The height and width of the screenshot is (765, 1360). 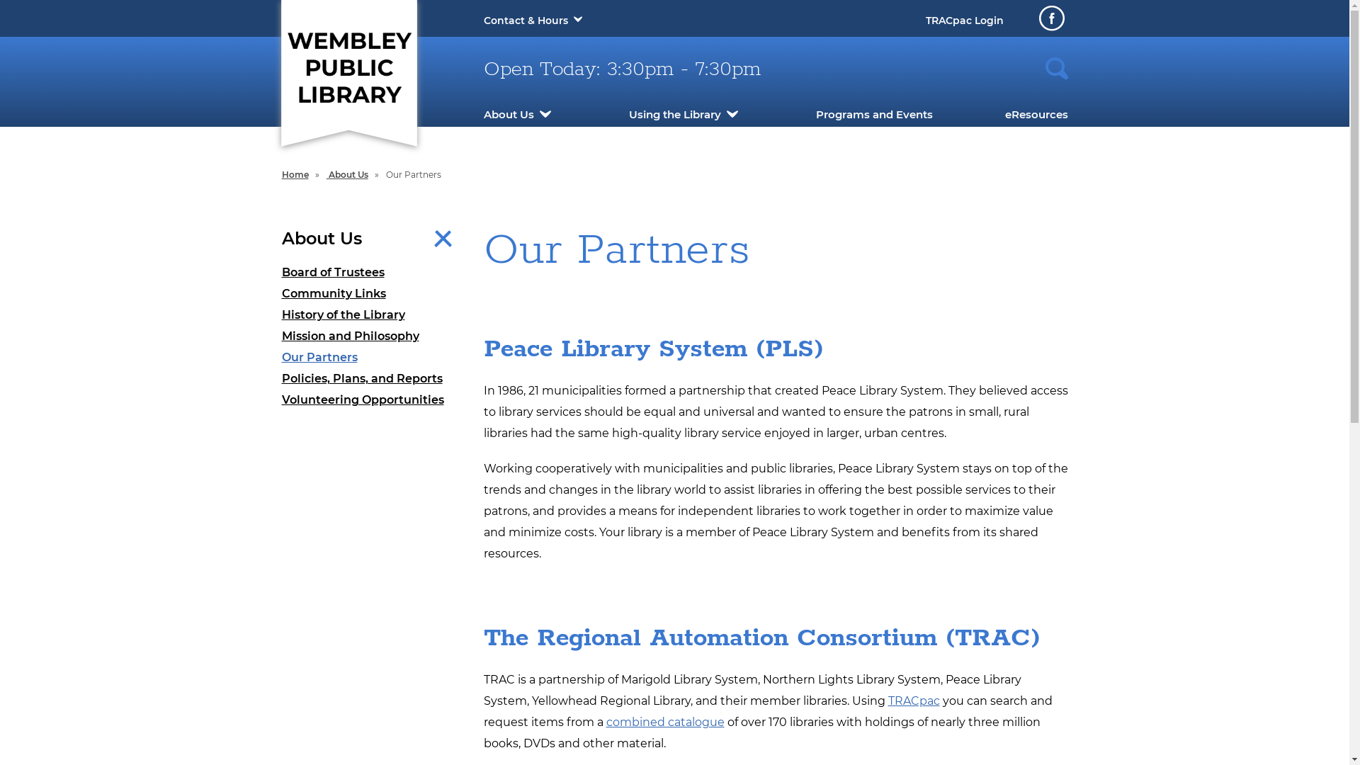 I want to click on 'Community Links', so click(x=372, y=293).